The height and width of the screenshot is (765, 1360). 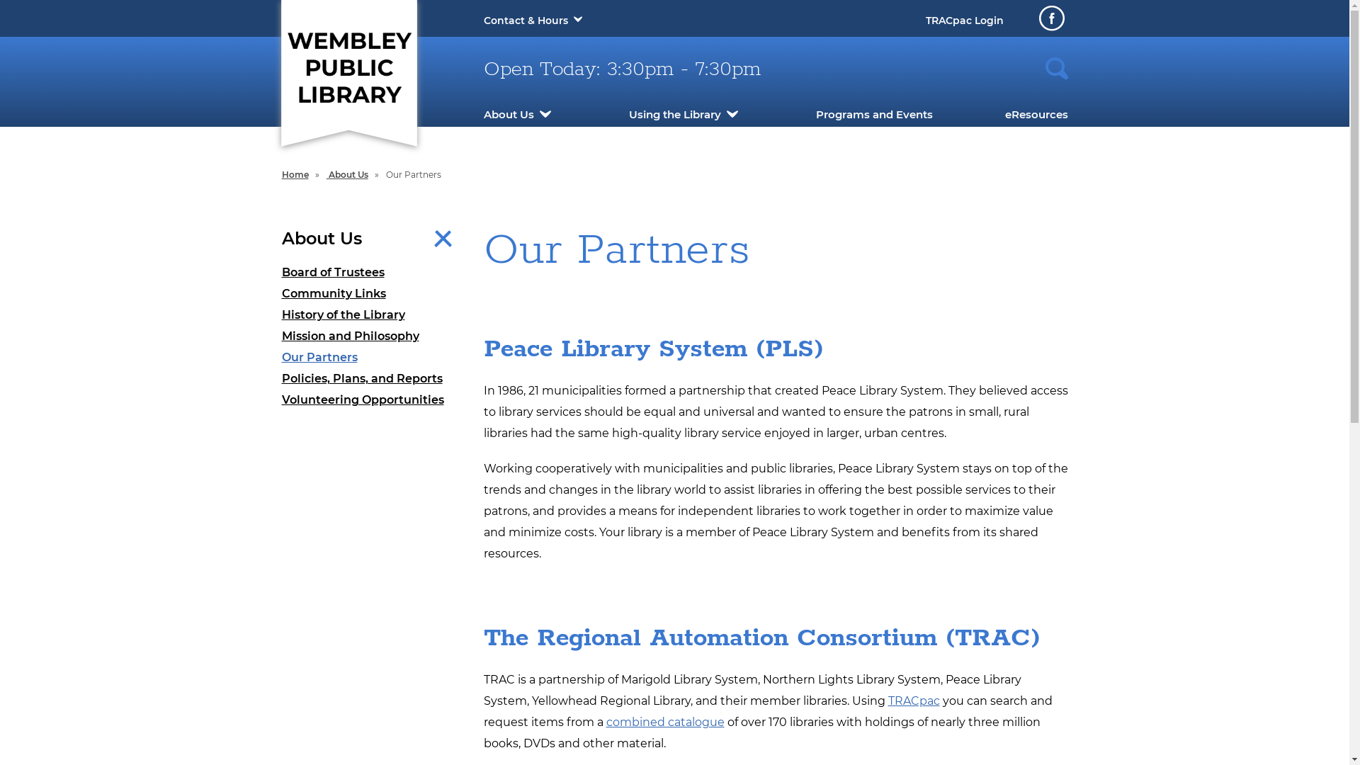 I want to click on 'Community Links', so click(x=372, y=293).